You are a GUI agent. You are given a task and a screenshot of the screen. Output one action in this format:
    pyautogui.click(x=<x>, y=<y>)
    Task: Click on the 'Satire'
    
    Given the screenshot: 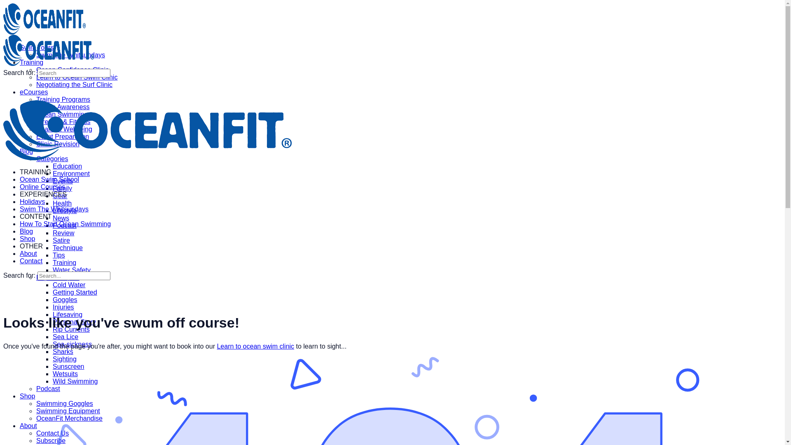 What is the action you would take?
    pyautogui.click(x=61, y=240)
    